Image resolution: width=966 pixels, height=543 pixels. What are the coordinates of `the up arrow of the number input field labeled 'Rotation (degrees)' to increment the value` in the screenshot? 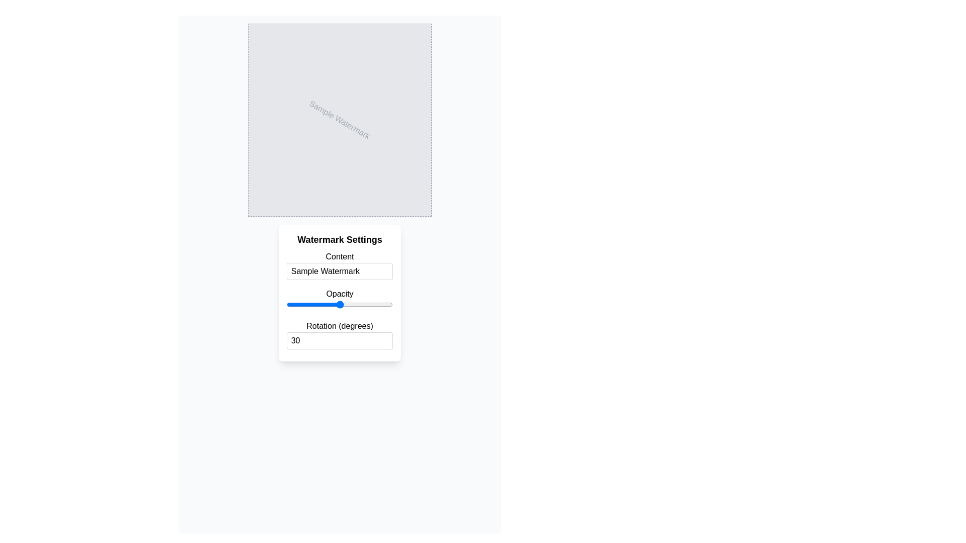 It's located at (340, 335).